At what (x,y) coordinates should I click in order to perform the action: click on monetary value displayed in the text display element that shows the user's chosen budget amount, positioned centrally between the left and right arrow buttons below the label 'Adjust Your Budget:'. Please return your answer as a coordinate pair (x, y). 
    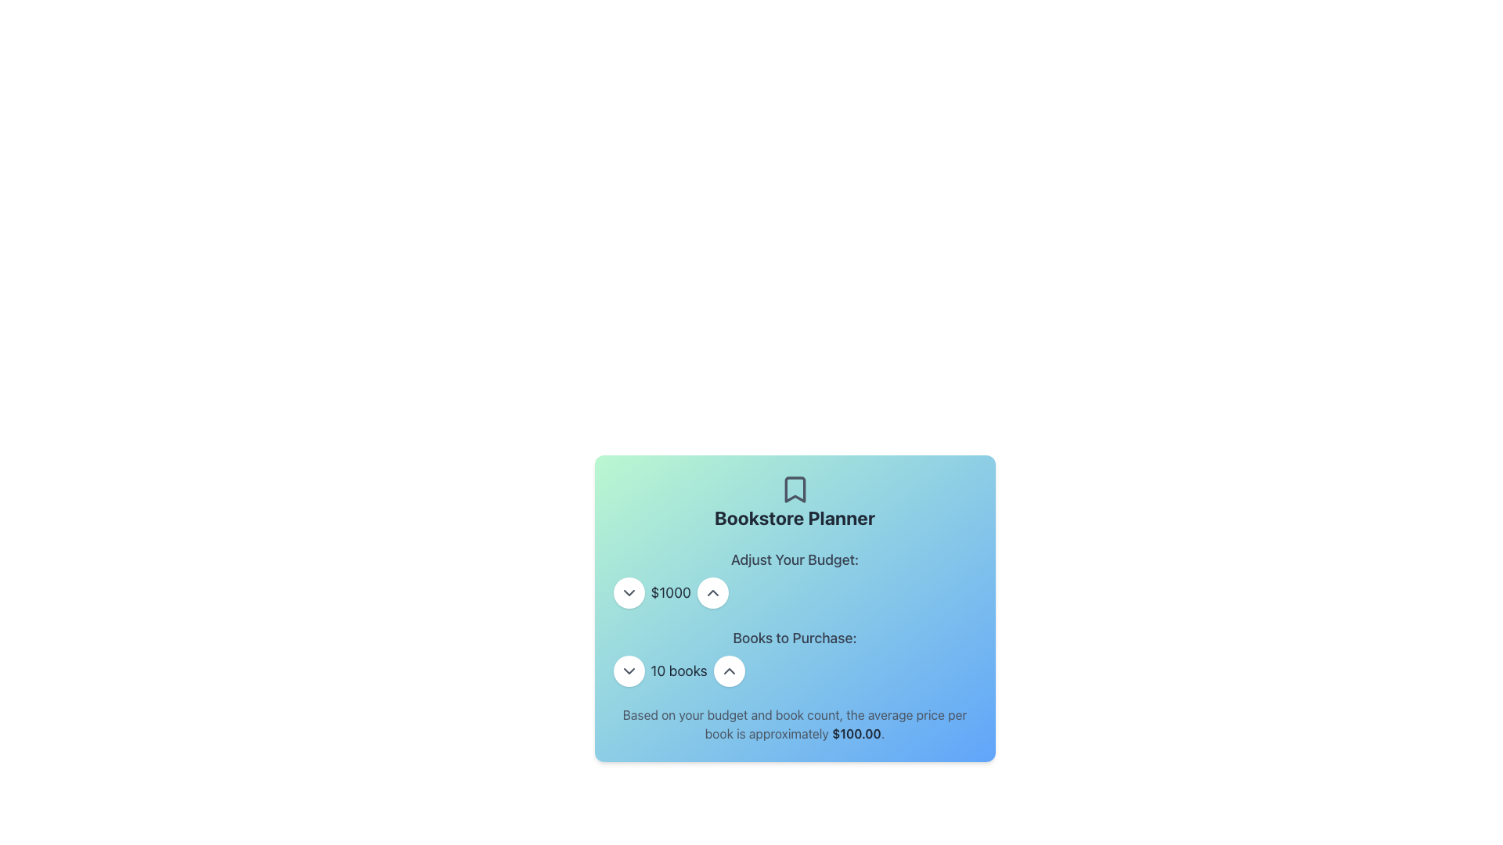
    Looking at the image, I should click on (671, 593).